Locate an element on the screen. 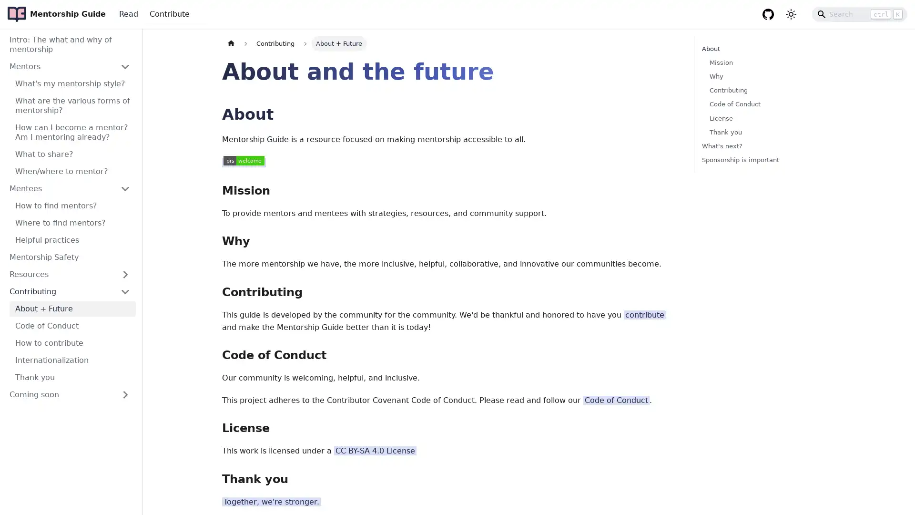 Image resolution: width=915 pixels, height=515 pixels. Toggle the collapsible sidebar category 'Mentors' is located at coordinates (125, 66).